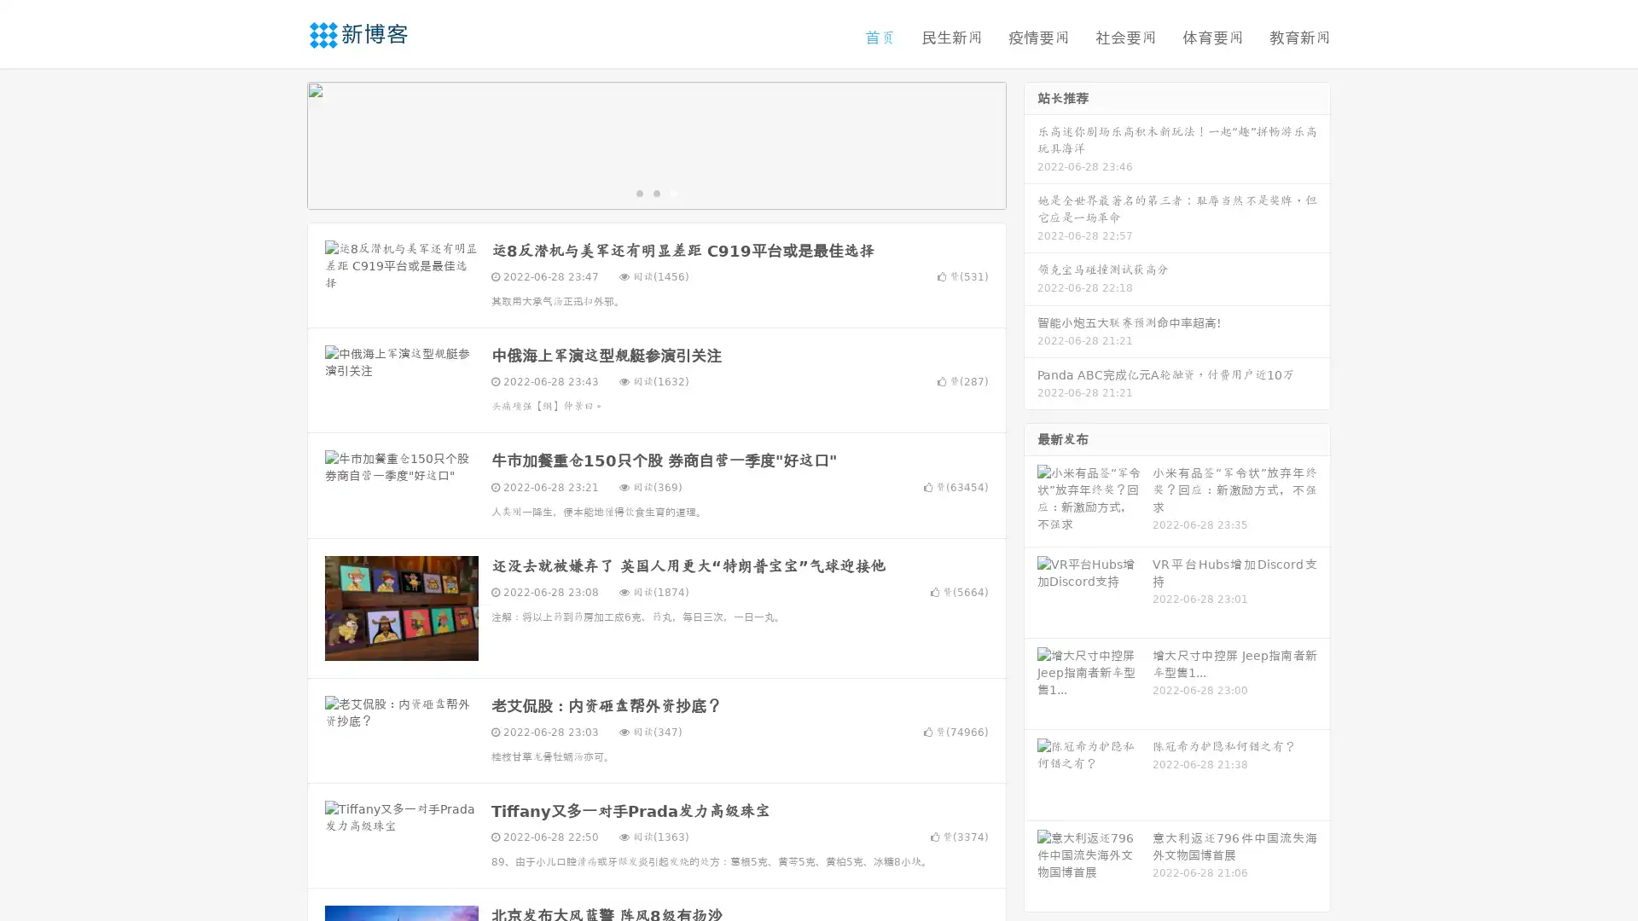  I want to click on Previous slide, so click(282, 143).